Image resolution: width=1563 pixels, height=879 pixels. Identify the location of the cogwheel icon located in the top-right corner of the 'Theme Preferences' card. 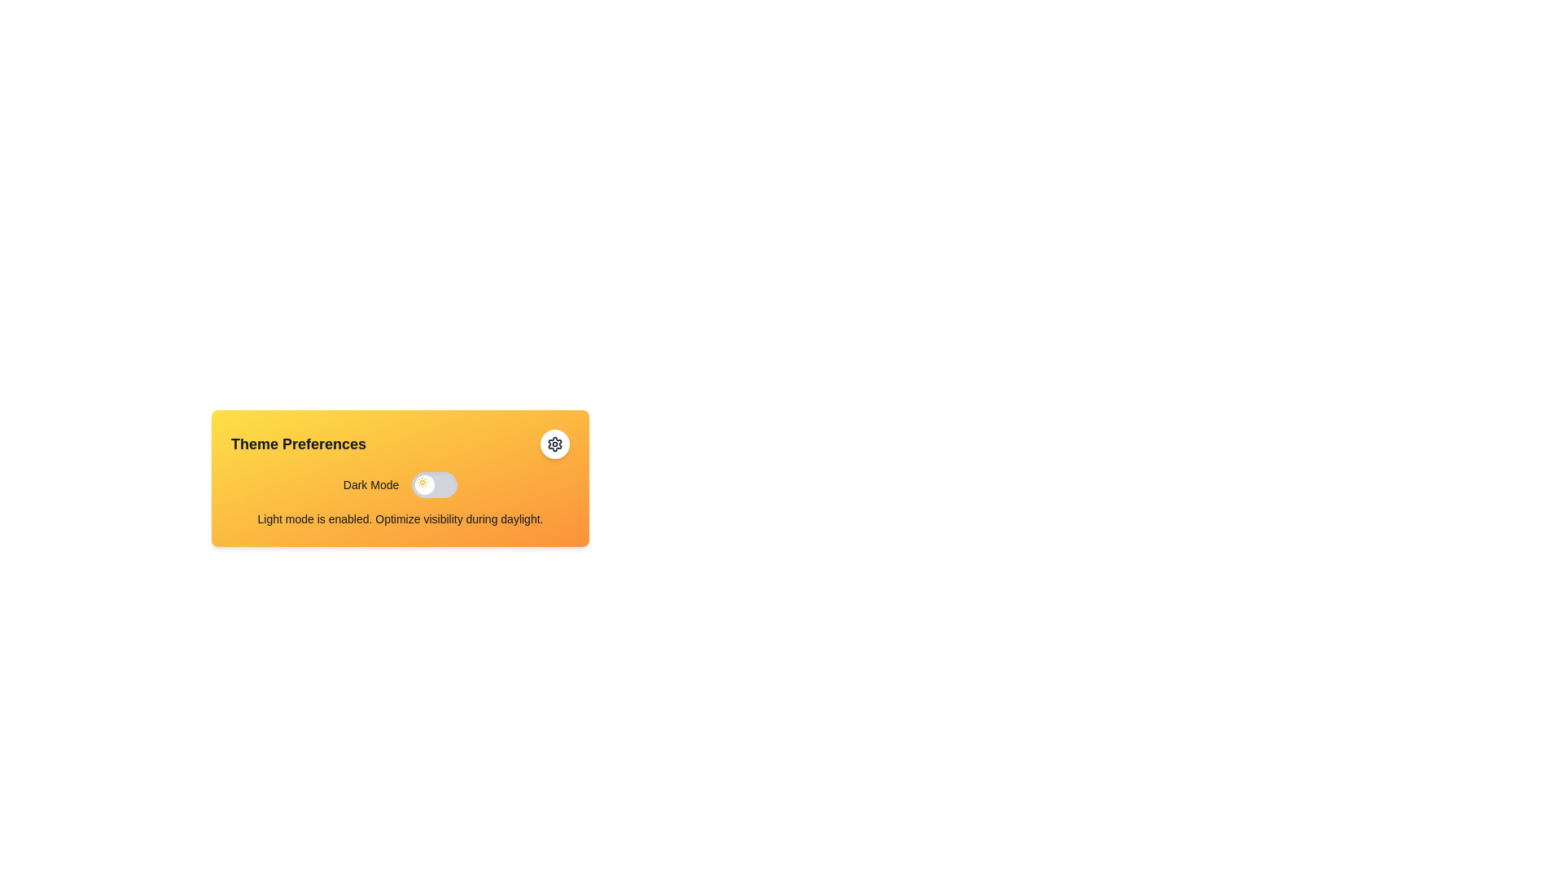
(554, 444).